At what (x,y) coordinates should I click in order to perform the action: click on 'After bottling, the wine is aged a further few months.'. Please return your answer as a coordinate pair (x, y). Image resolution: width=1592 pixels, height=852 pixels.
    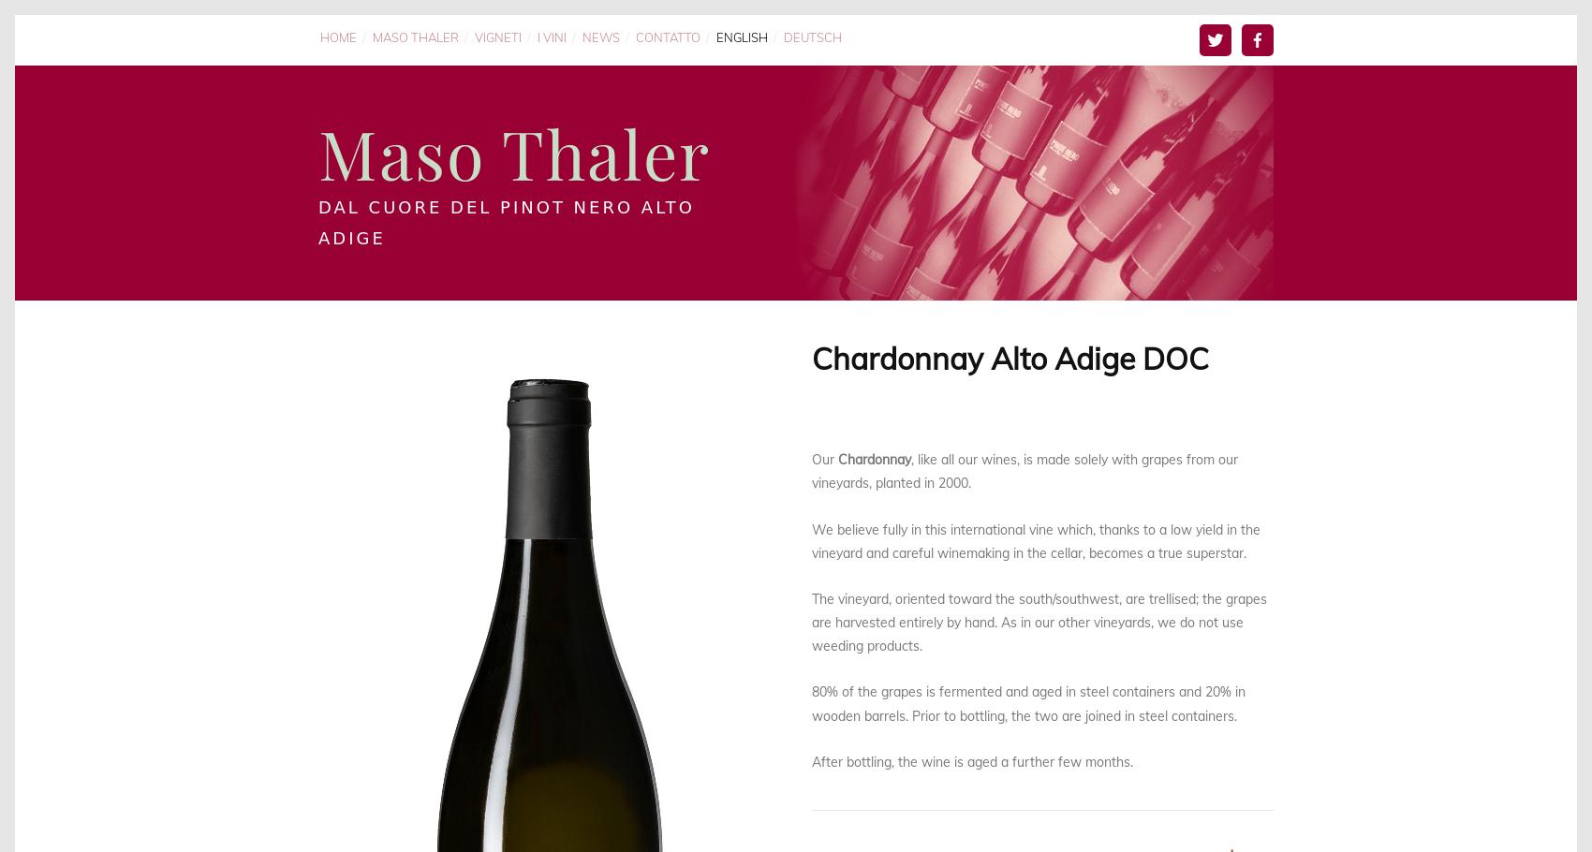
    Looking at the image, I should click on (971, 759).